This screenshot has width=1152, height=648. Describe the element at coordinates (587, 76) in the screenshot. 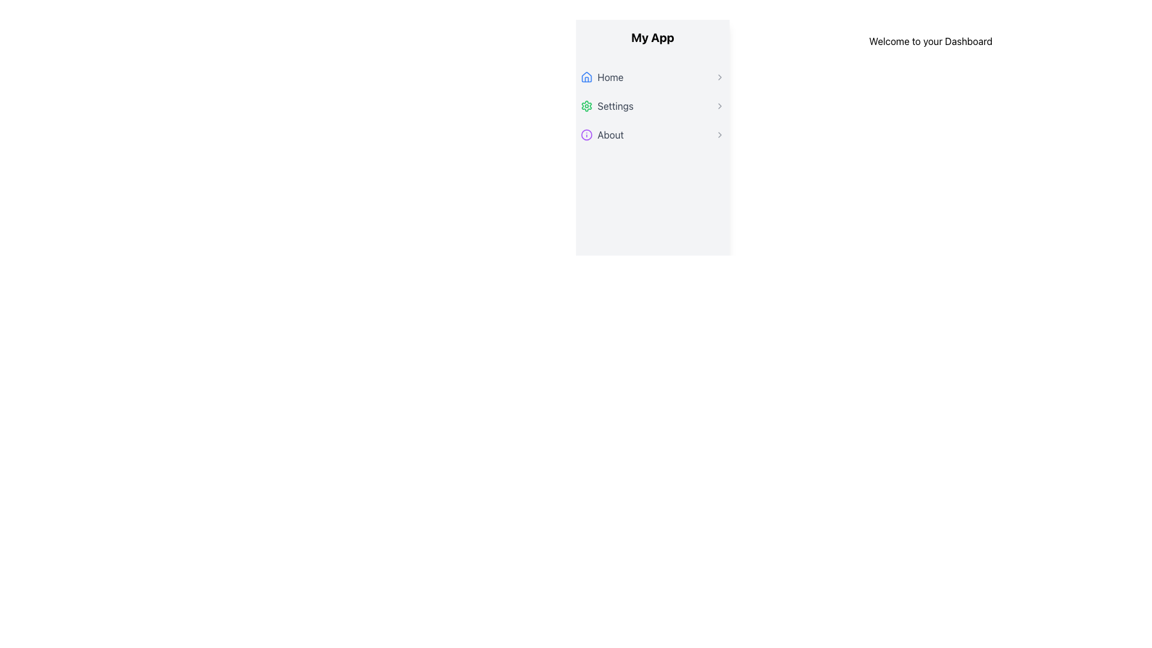

I see `the house-shaped icon with a blue outline in the left-side navigation menu, adjacent to the 'Home' label` at that location.